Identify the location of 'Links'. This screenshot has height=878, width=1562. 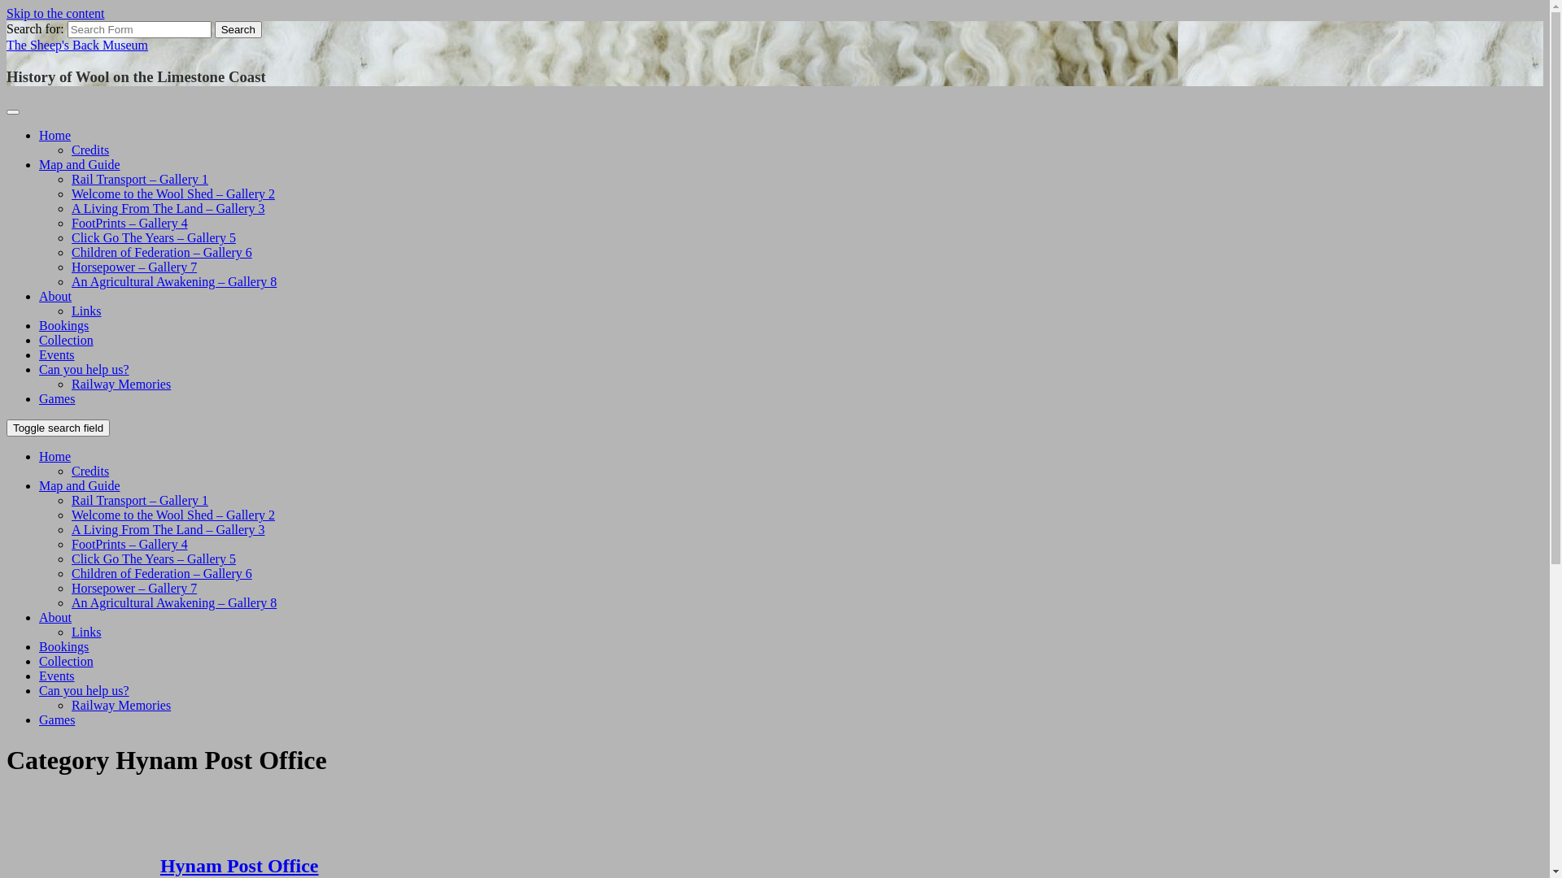
(85, 311).